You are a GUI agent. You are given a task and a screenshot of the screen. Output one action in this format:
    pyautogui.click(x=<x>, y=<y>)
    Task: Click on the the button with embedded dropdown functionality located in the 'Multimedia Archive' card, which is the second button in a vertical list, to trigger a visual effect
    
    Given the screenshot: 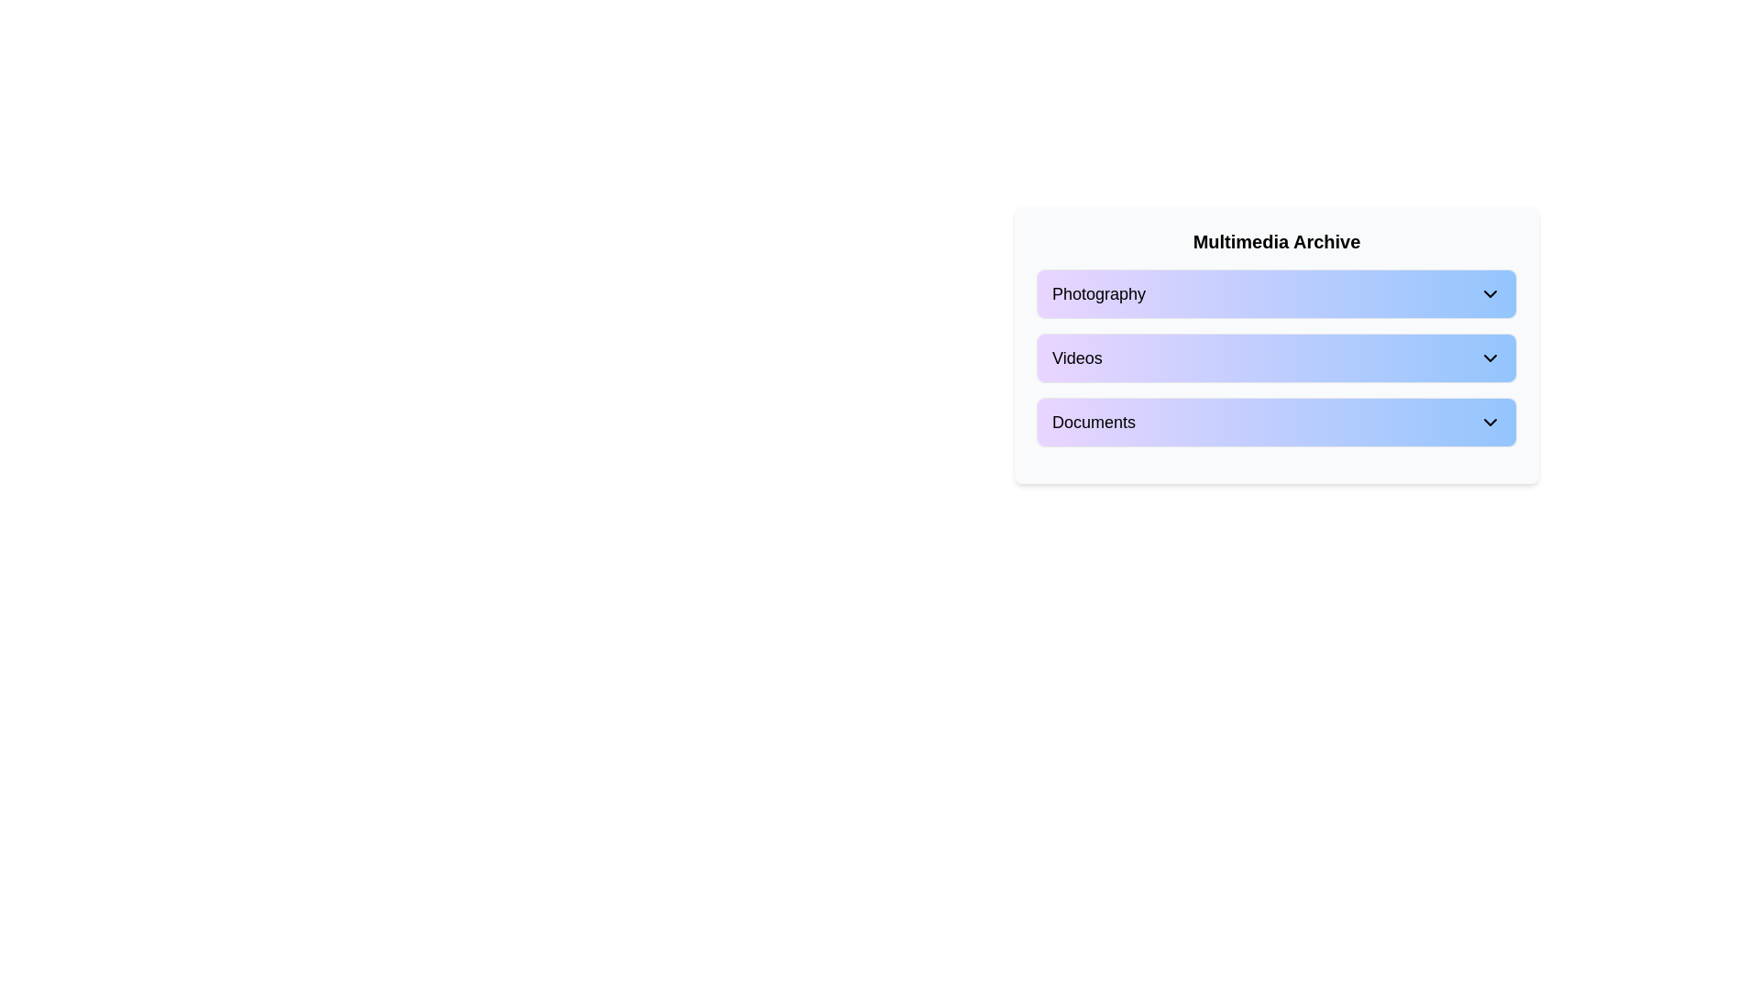 What is the action you would take?
    pyautogui.click(x=1275, y=357)
    